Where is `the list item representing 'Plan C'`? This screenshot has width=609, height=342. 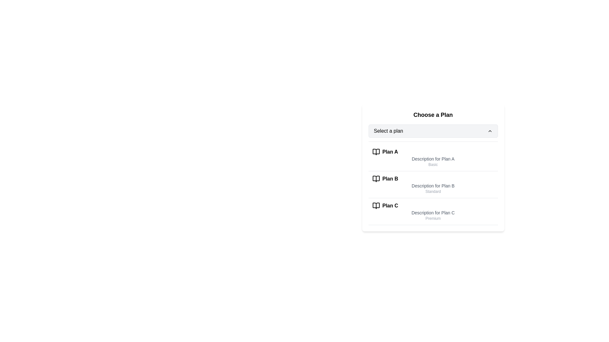 the list item representing 'Plan C' is located at coordinates (433, 212).